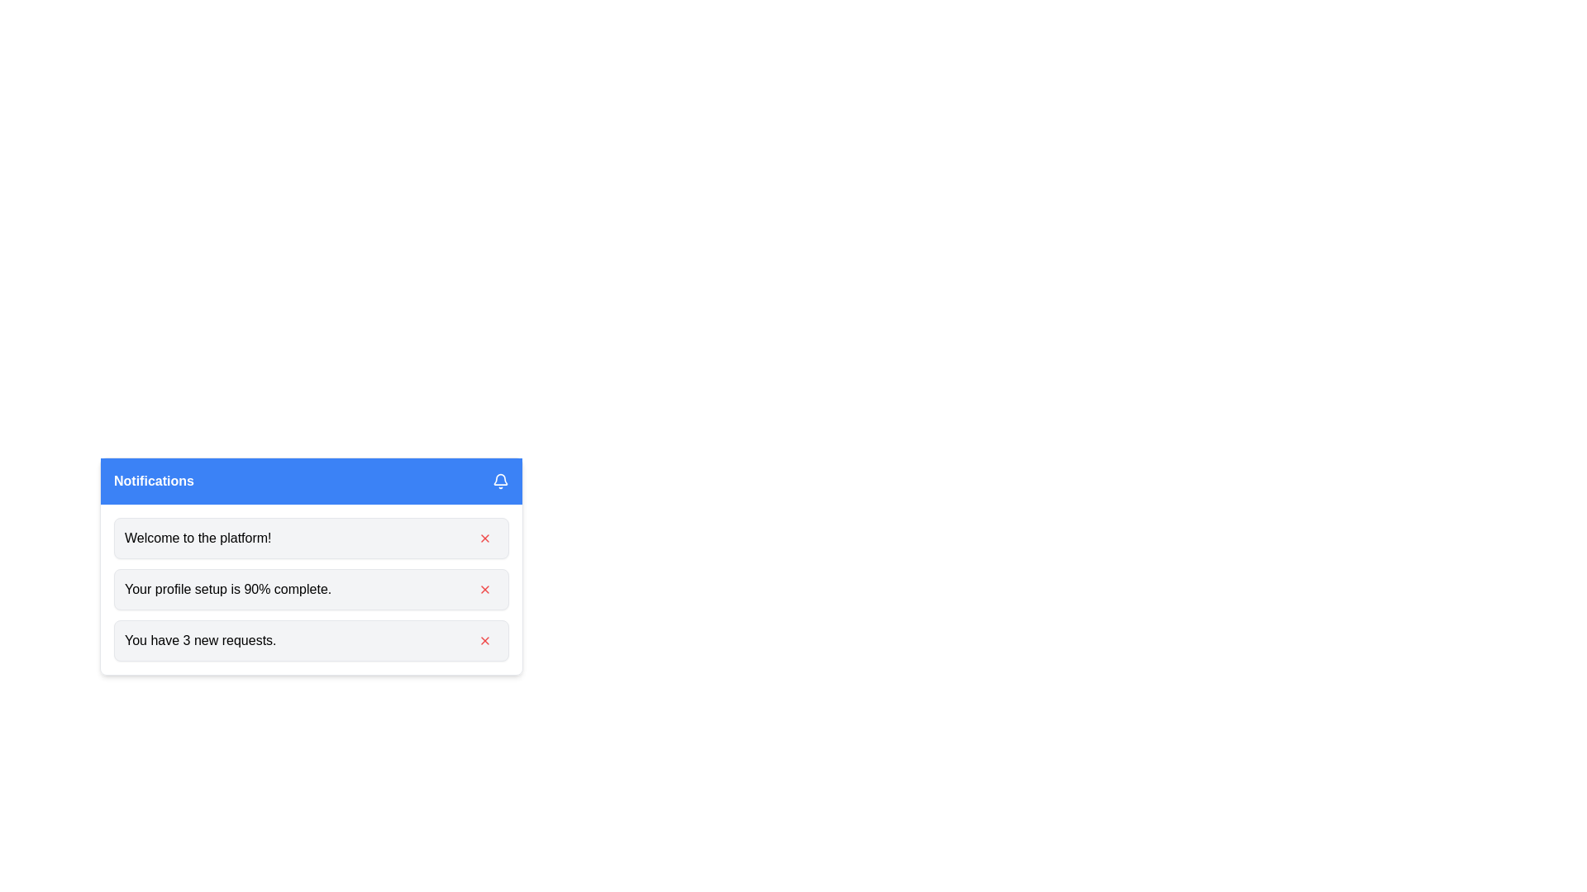 The width and height of the screenshot is (1587, 892). Describe the element at coordinates (484, 538) in the screenshot. I see `the close button icon on the far-right side of the notification row stating 'Welcome to the platform!'` at that location.